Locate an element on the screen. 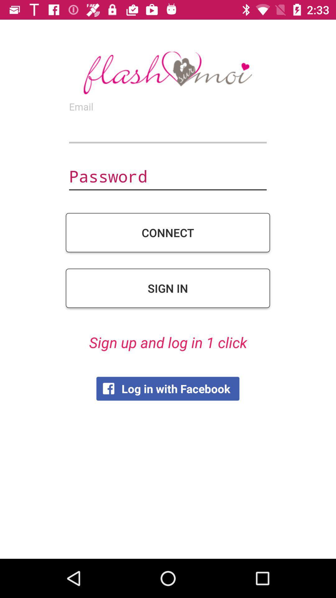 This screenshot has height=598, width=336. input your password is located at coordinates (167, 177).